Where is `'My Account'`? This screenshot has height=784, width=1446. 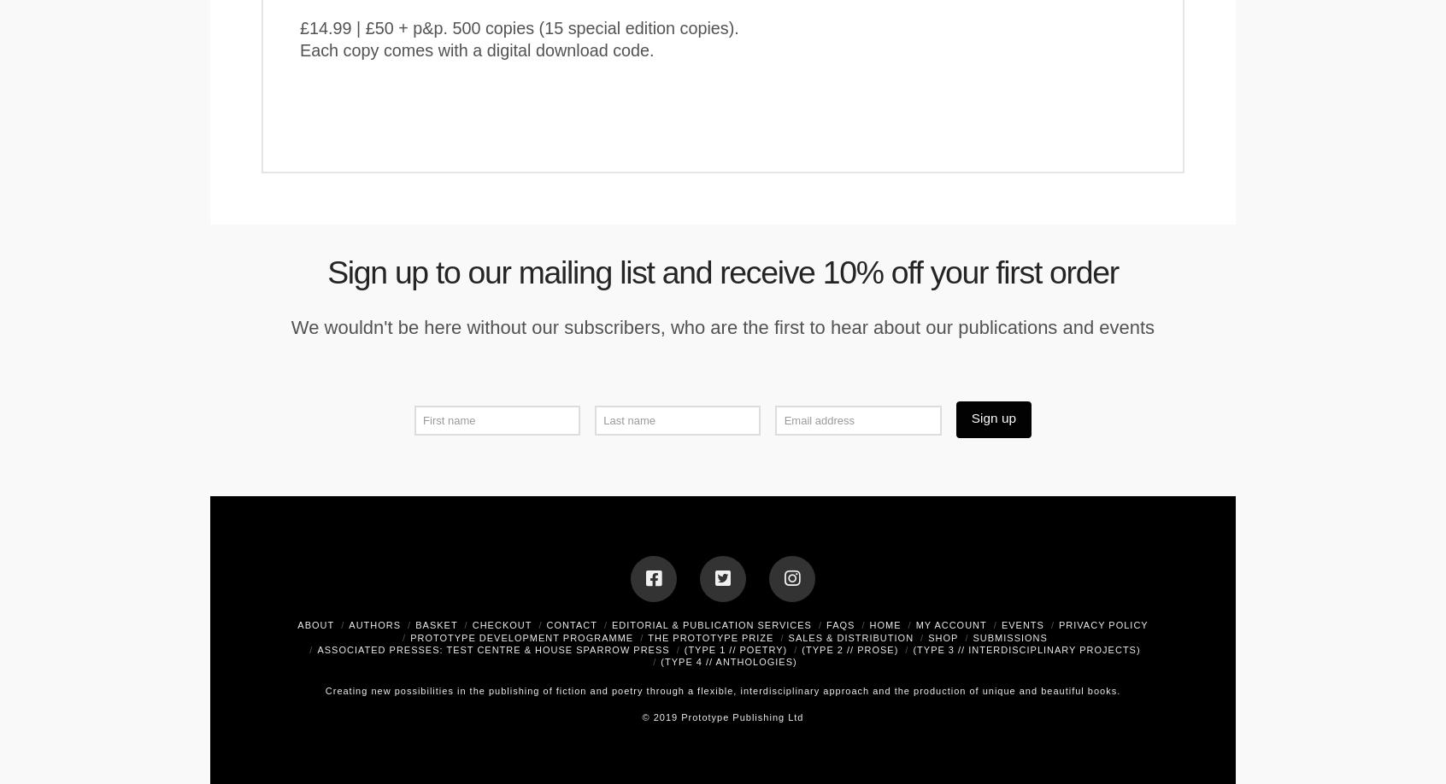 'My Account' is located at coordinates (950, 624).